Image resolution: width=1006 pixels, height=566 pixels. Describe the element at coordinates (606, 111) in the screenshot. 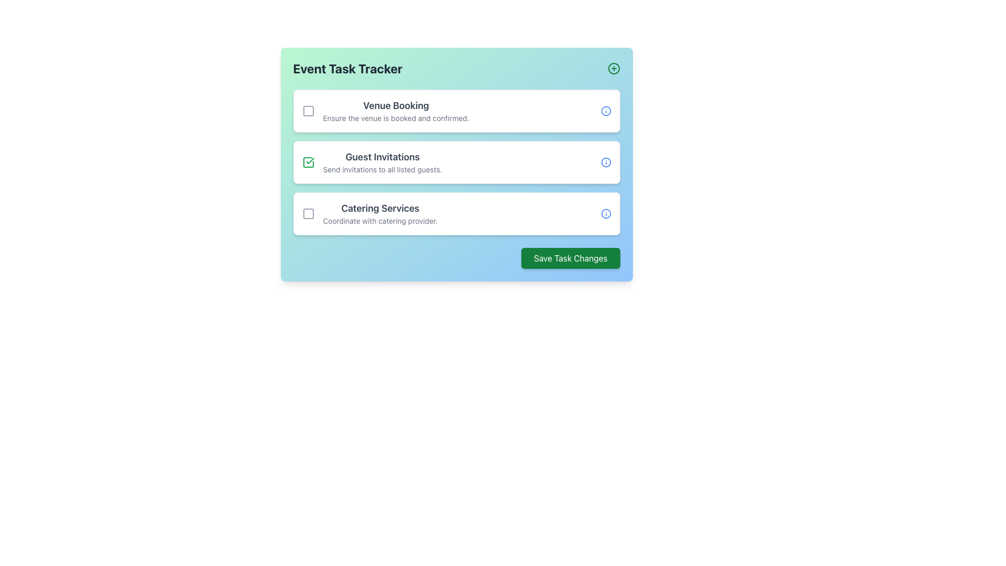

I see `the interactive information icon located in the top-right corner of the 'Venue Booking' card` at that location.